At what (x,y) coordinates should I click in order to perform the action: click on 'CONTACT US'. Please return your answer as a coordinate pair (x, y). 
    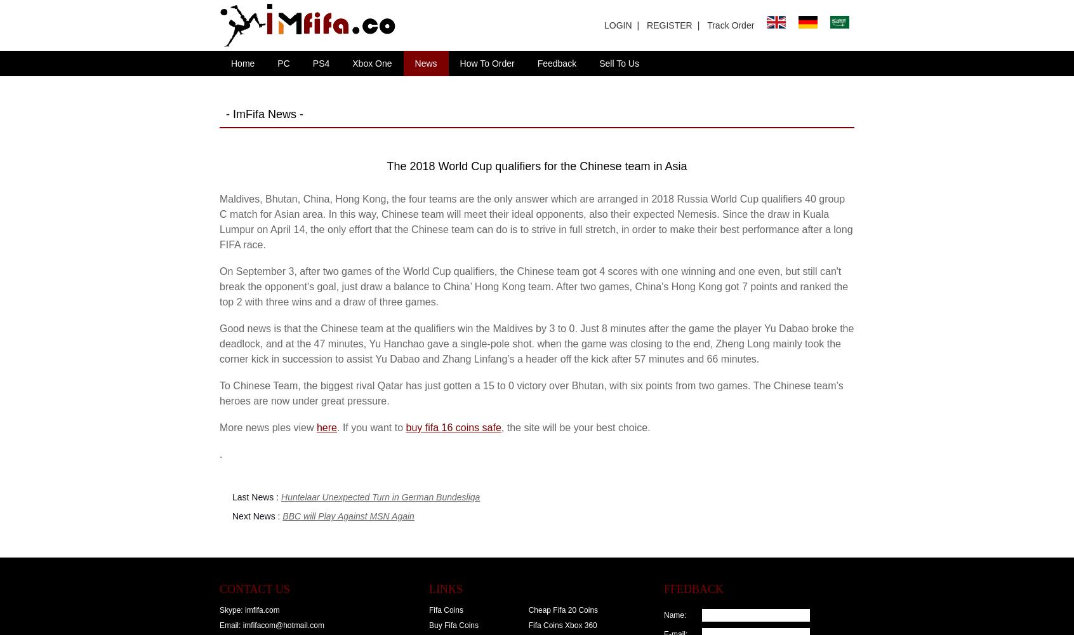
    Looking at the image, I should click on (255, 589).